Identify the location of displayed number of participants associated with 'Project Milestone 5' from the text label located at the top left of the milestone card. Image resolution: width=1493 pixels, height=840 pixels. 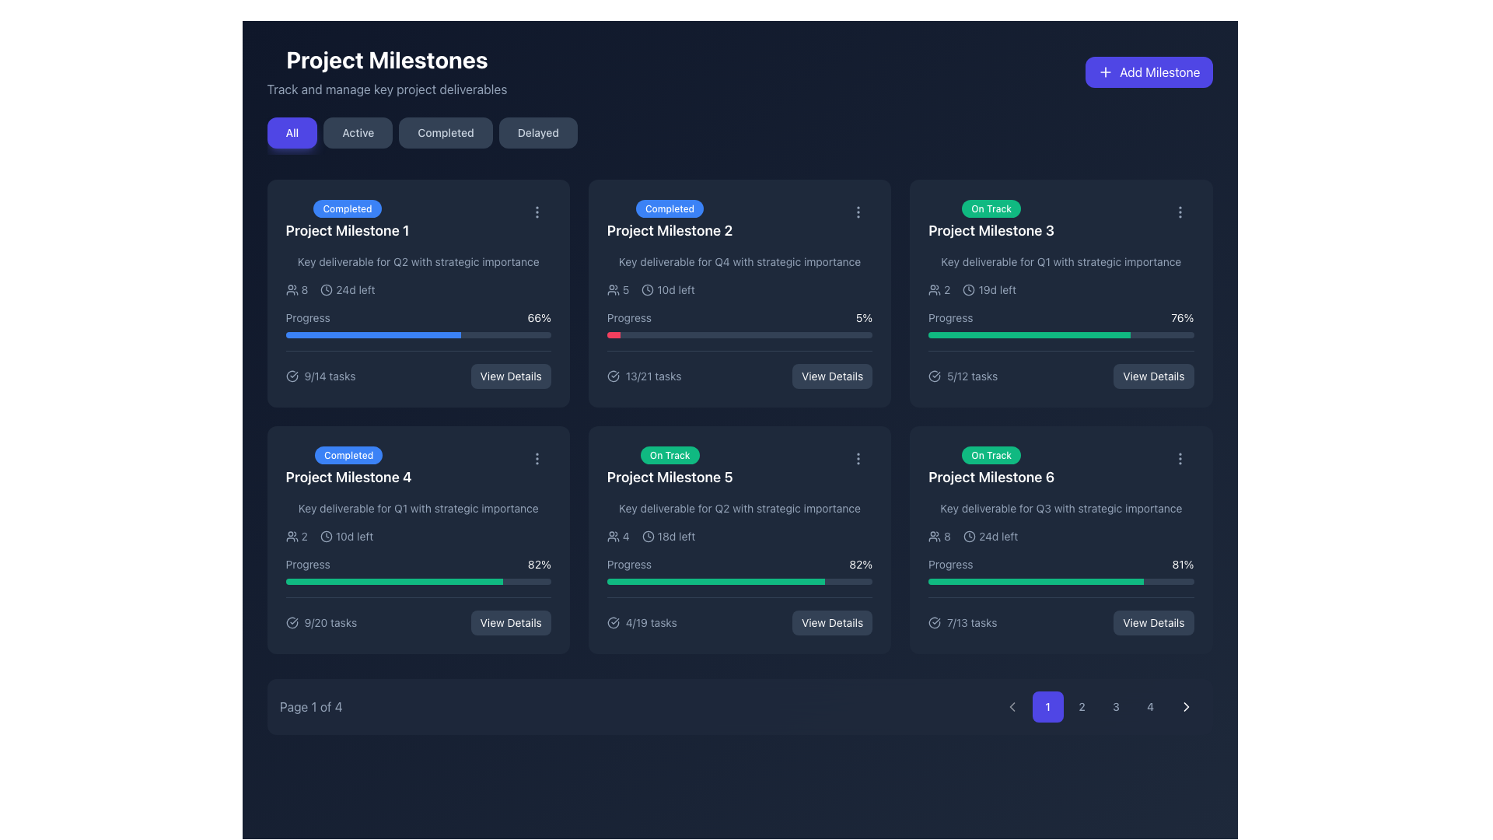
(617, 536).